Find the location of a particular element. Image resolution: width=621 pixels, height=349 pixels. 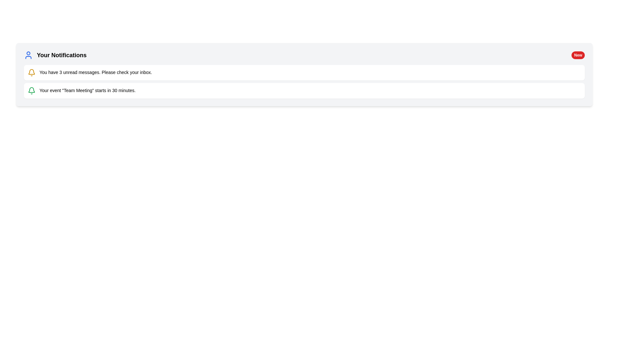

the yellow-orange bell-shaped notification icon located to the left of the notification message is located at coordinates (31, 72).